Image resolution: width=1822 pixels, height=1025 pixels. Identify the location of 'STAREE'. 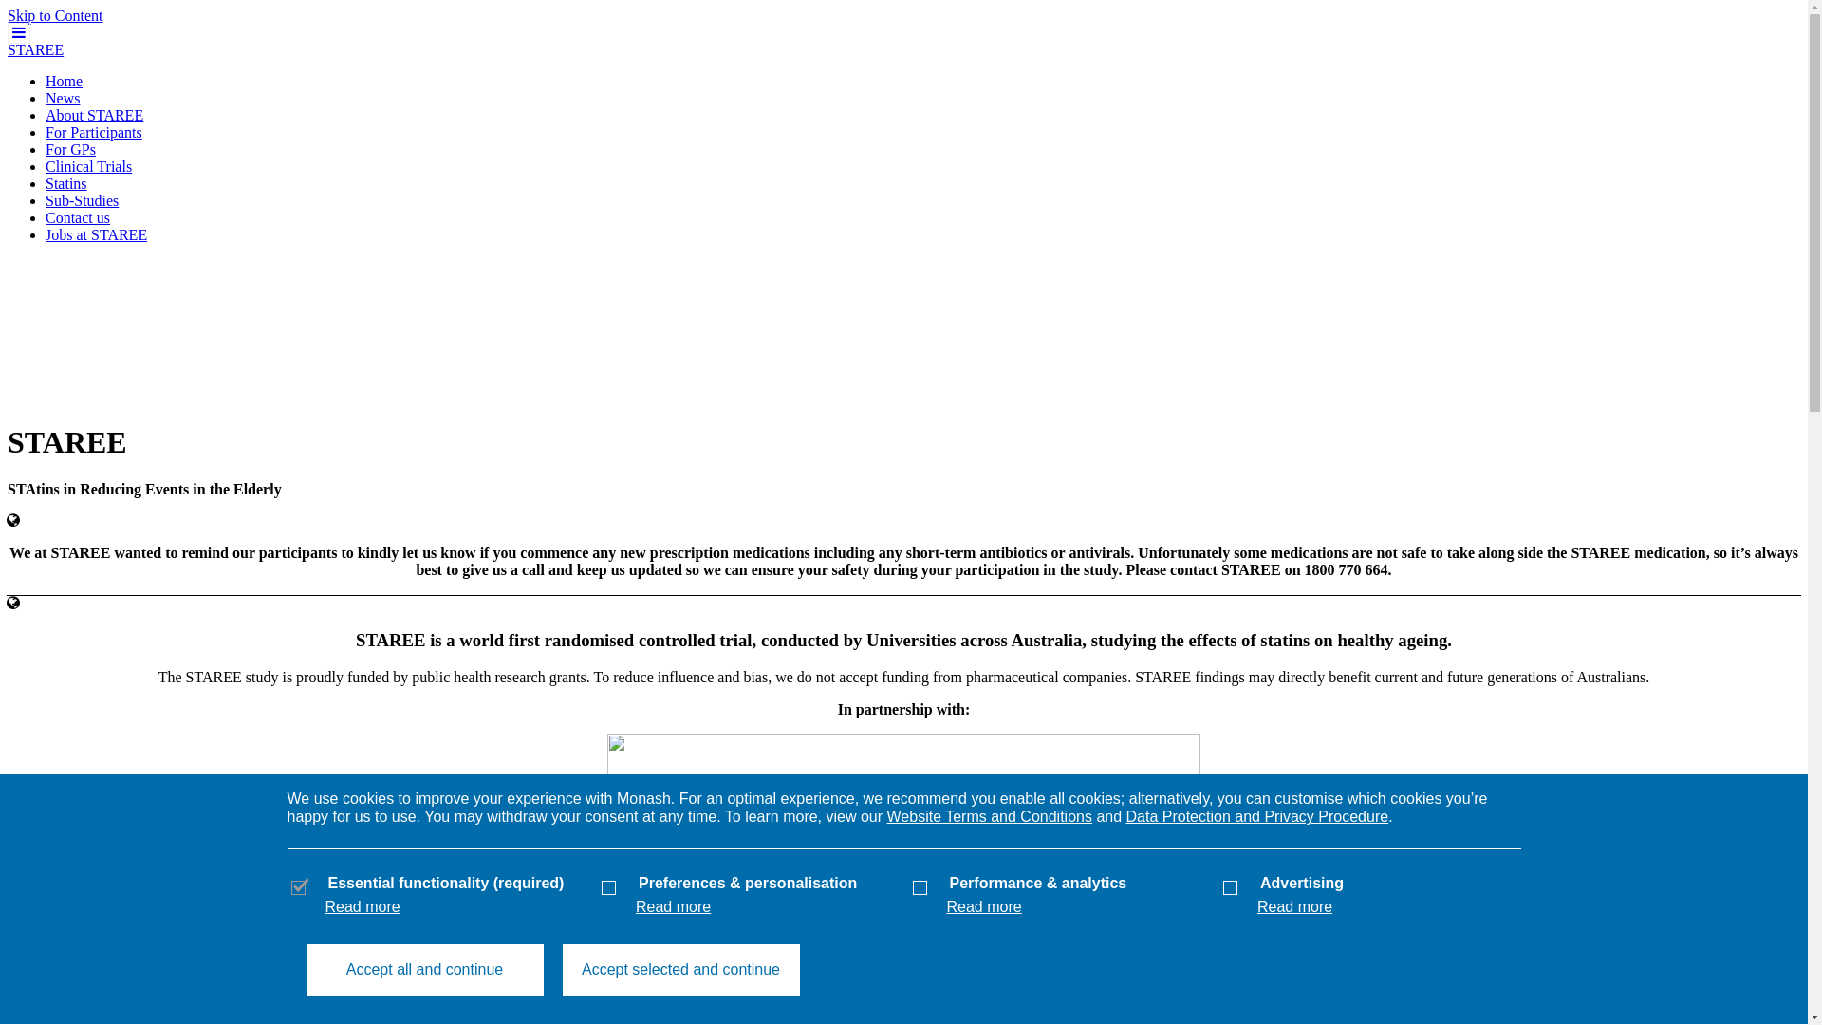
(35, 48).